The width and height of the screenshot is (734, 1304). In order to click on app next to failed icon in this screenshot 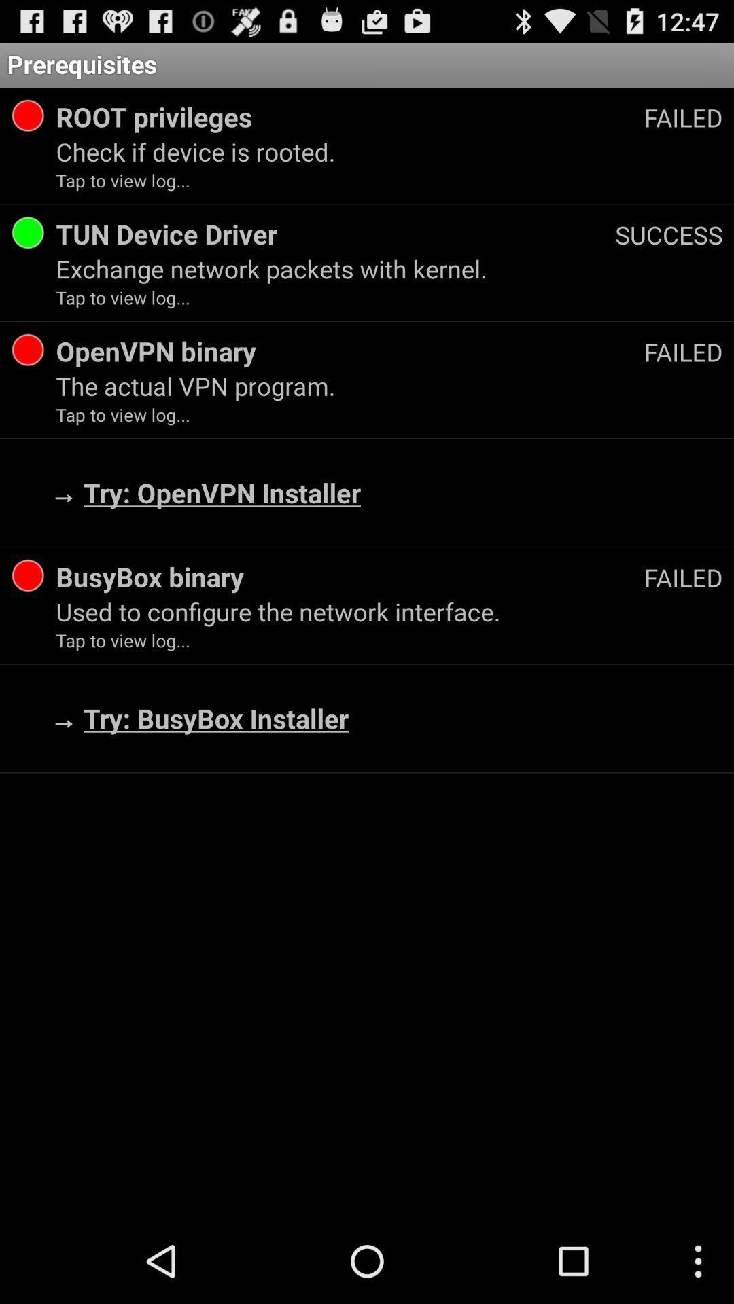, I will do `click(349, 117)`.